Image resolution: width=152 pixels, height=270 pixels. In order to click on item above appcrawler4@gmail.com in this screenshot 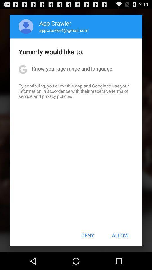, I will do `click(55, 23)`.